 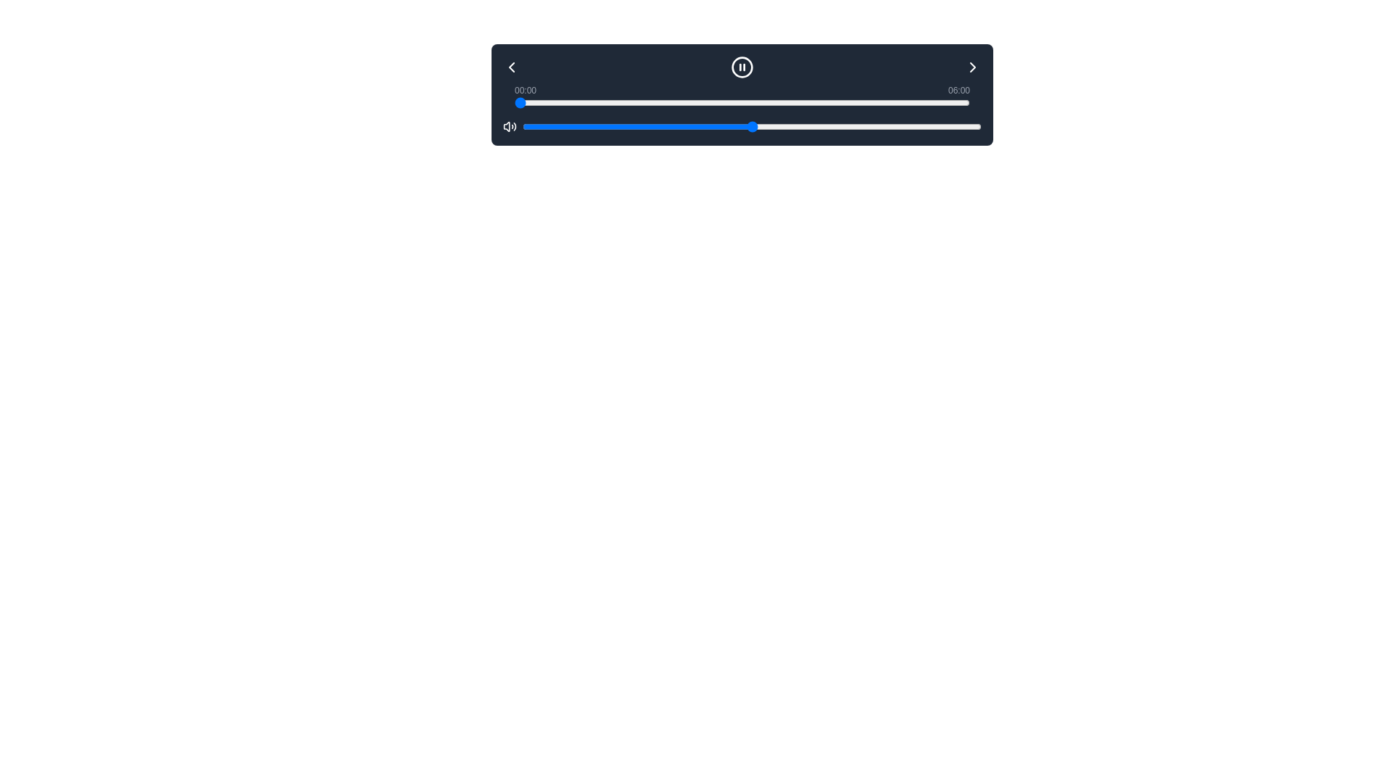 I want to click on the circular icon with a pause symbol located in the center of the composite media control group, so click(x=742, y=67).